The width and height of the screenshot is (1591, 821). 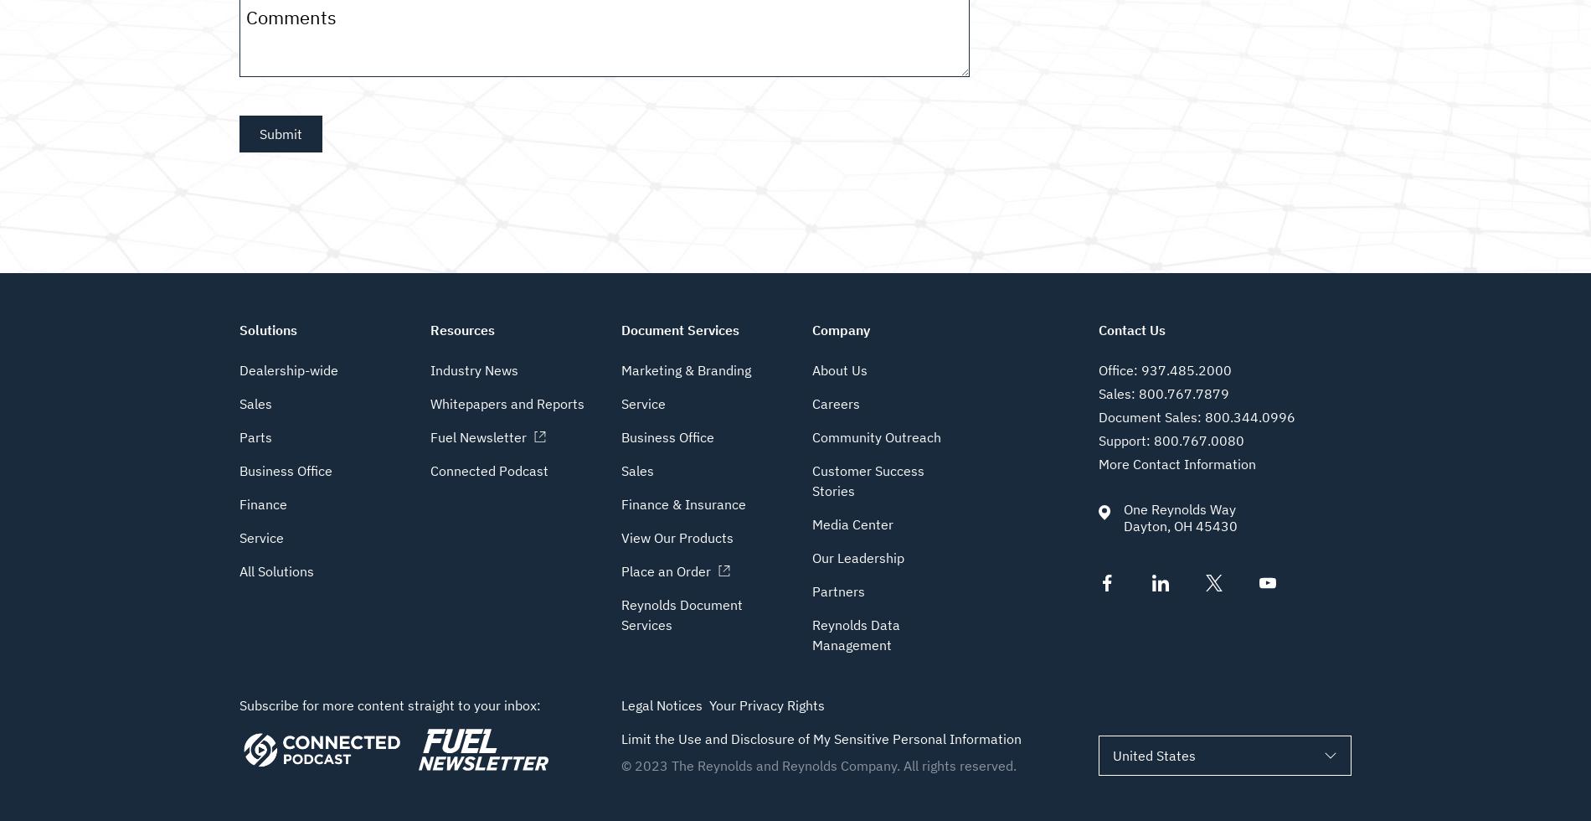 I want to click on 'Community Outreach', so click(x=877, y=437).